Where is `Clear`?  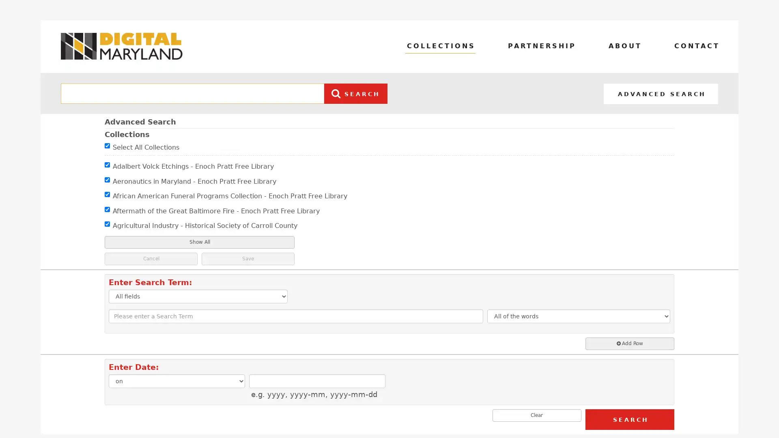
Clear is located at coordinates (536, 415).